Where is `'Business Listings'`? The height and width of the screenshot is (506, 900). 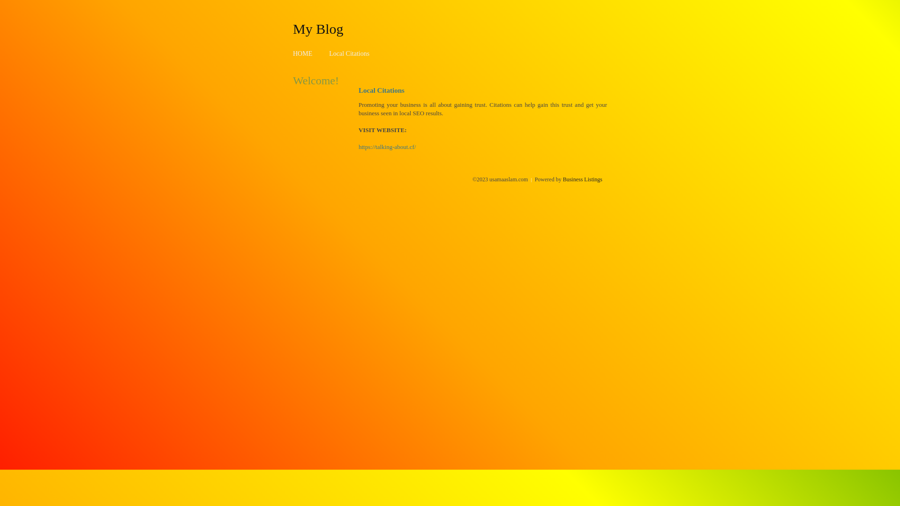 'Business Listings' is located at coordinates (582, 179).